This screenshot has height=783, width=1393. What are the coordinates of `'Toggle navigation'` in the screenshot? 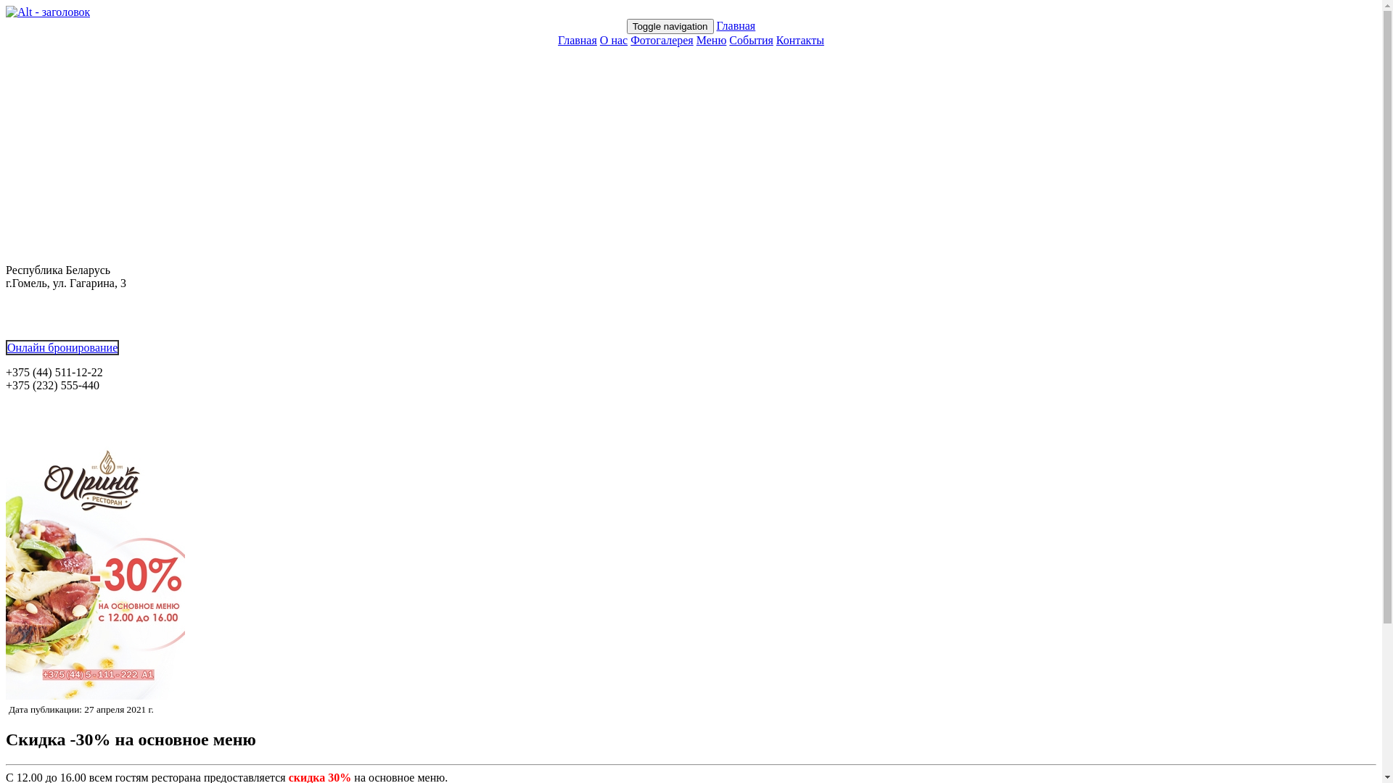 It's located at (669, 26).